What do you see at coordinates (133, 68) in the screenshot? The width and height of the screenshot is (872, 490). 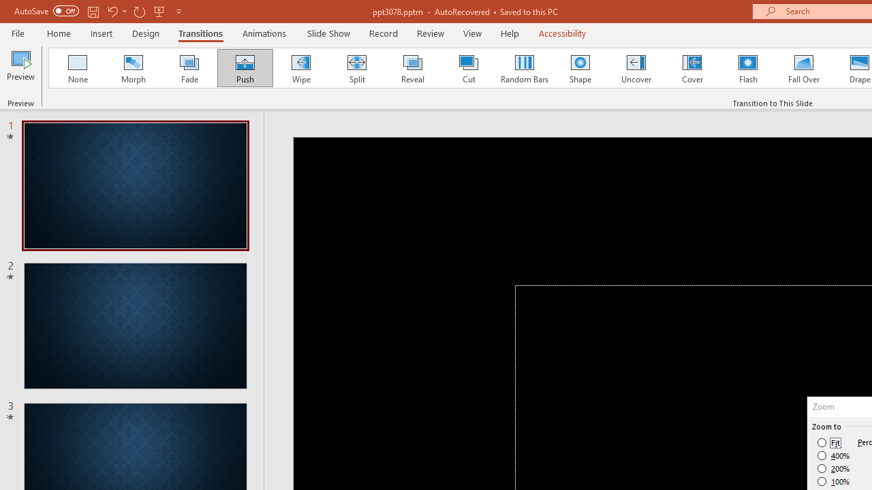 I see `'Morph'` at bounding box center [133, 68].